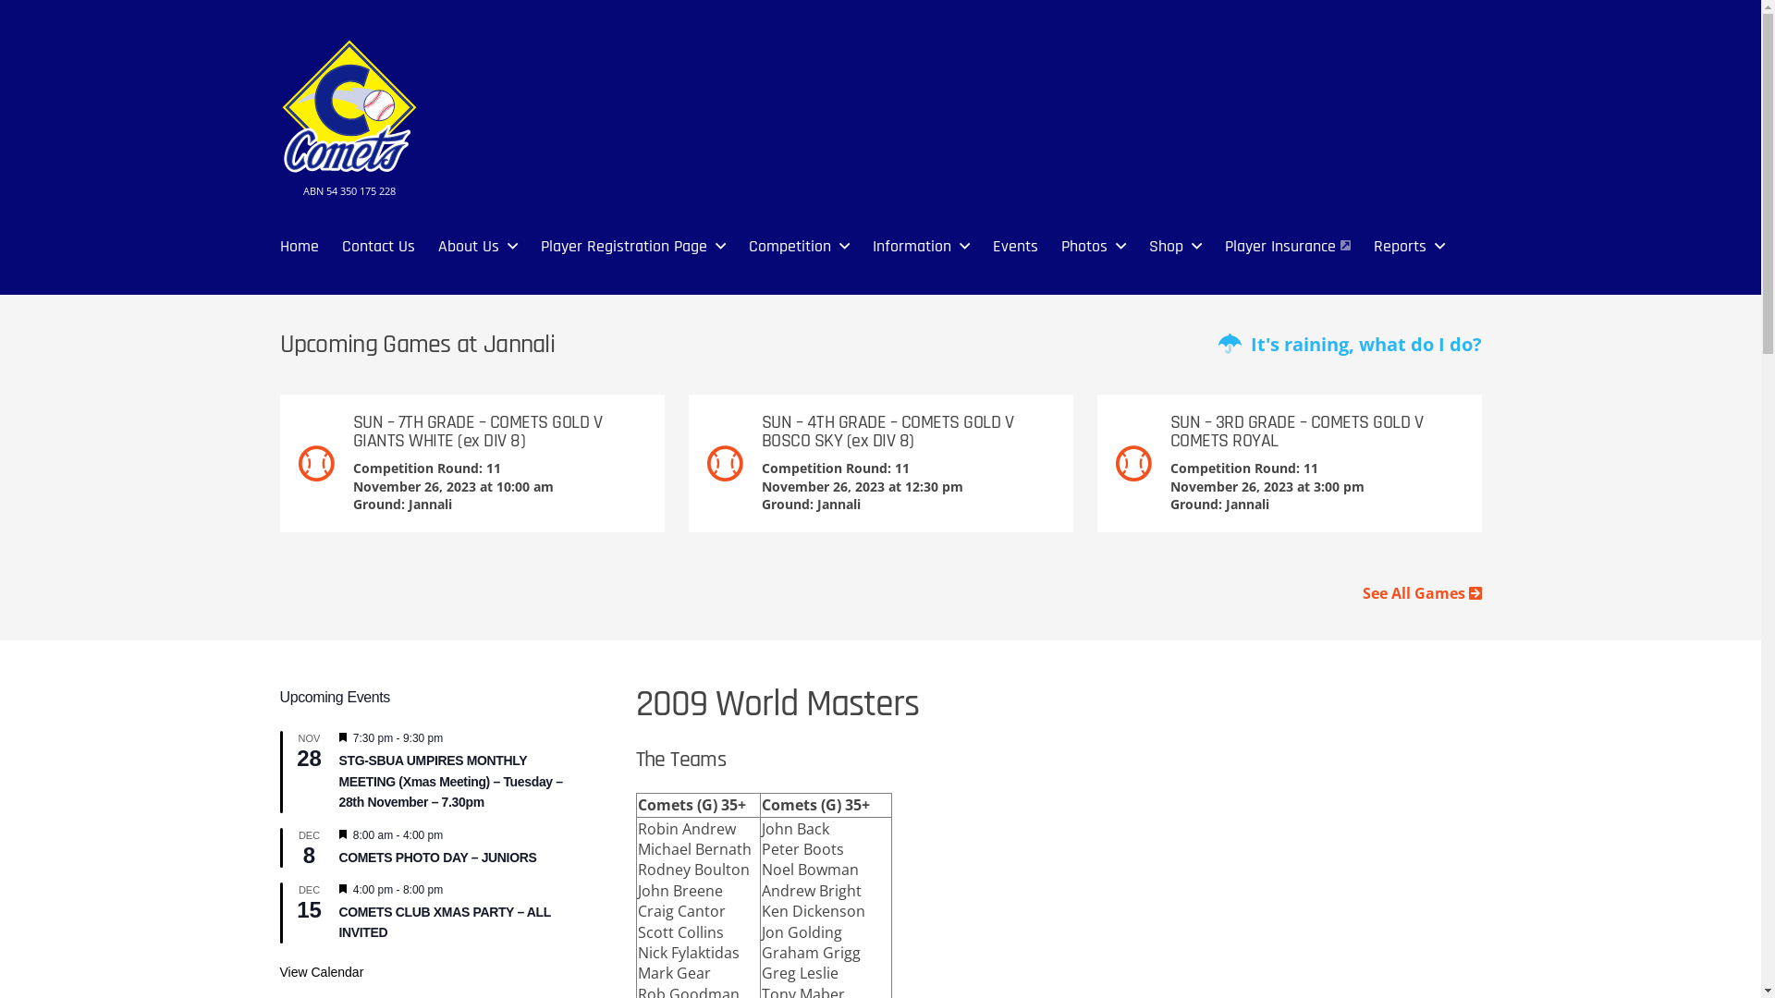 The image size is (1775, 998). What do you see at coordinates (1286, 245) in the screenshot?
I see `'Player Insurance'` at bounding box center [1286, 245].